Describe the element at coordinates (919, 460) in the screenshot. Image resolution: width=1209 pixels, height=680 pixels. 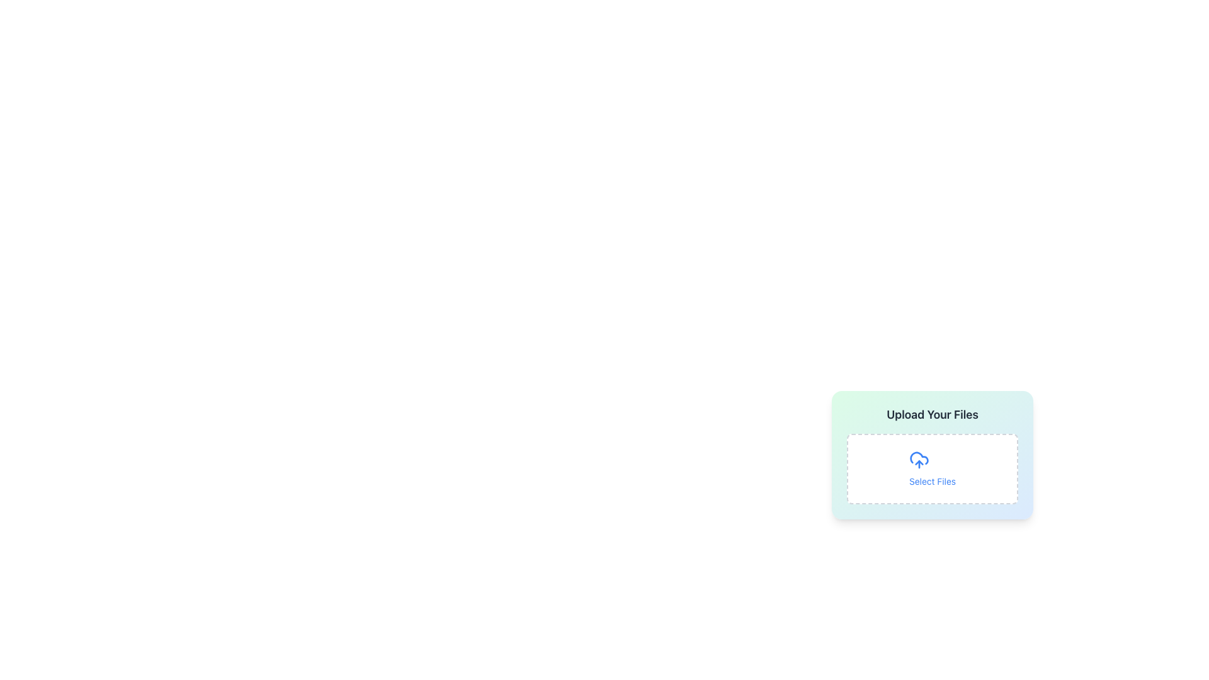
I see `the cloud-shaped upload icon, which features an upward-facing arrow and is located above the 'Select Files' text within the upload section` at that location.